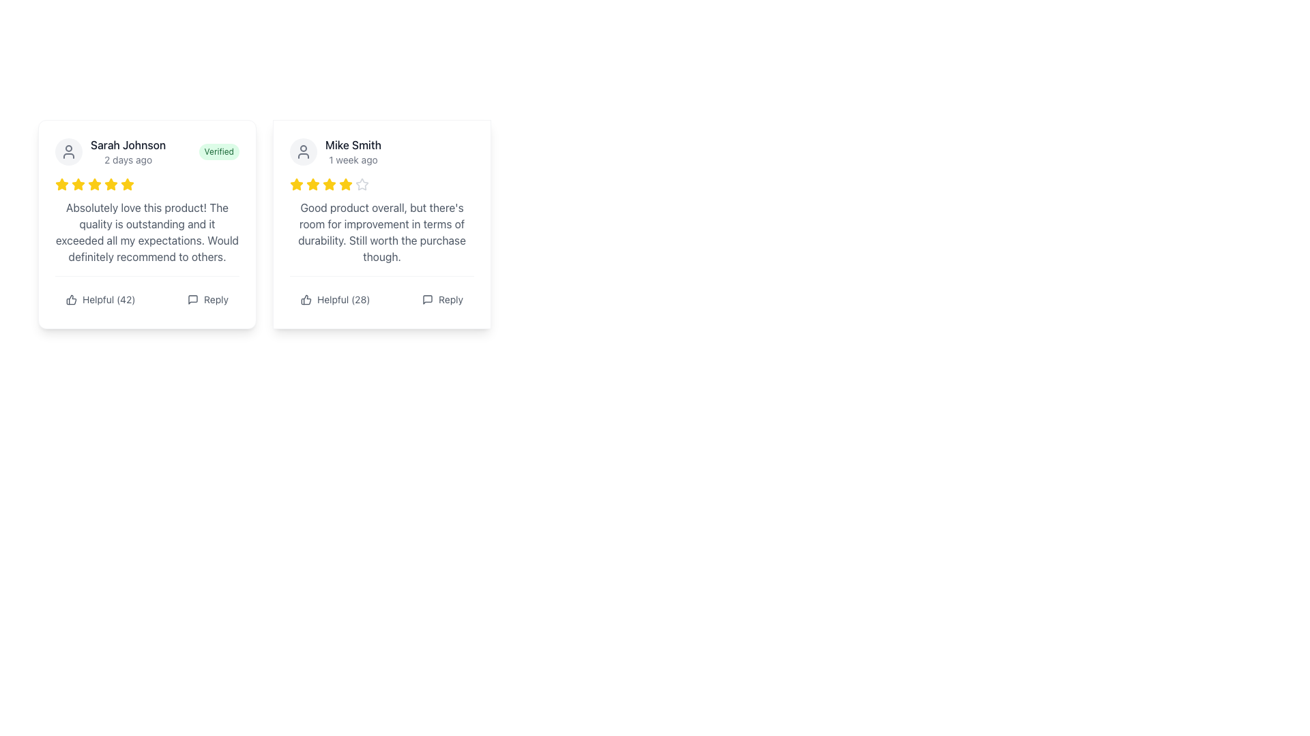 Image resolution: width=1310 pixels, height=736 pixels. What do you see at coordinates (312, 184) in the screenshot?
I see `the third yellow star icon in the rating row of Mike Smith's review card to interact with it` at bounding box center [312, 184].